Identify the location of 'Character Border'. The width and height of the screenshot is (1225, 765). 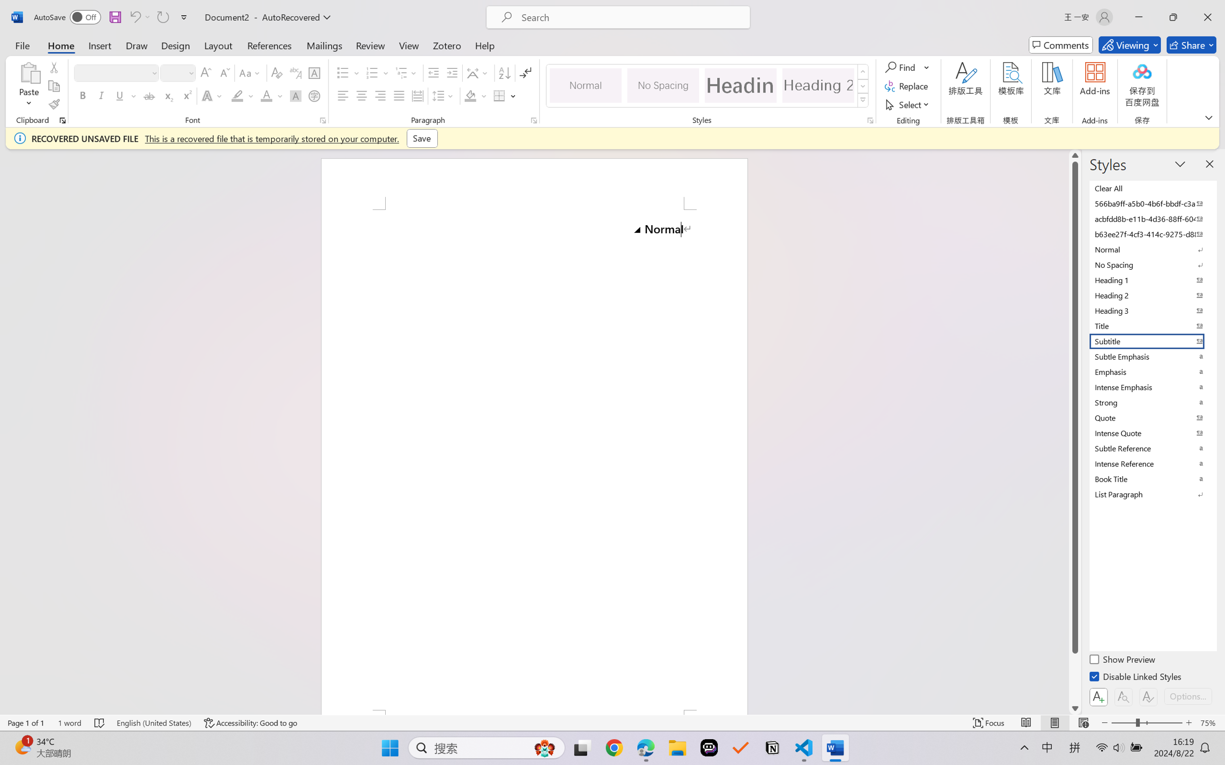
(314, 73).